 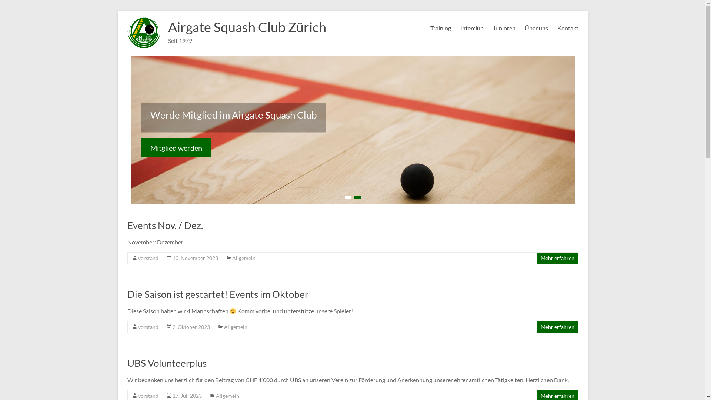 What do you see at coordinates (165, 225) in the screenshot?
I see `'Events Nov. / Dez.'` at bounding box center [165, 225].